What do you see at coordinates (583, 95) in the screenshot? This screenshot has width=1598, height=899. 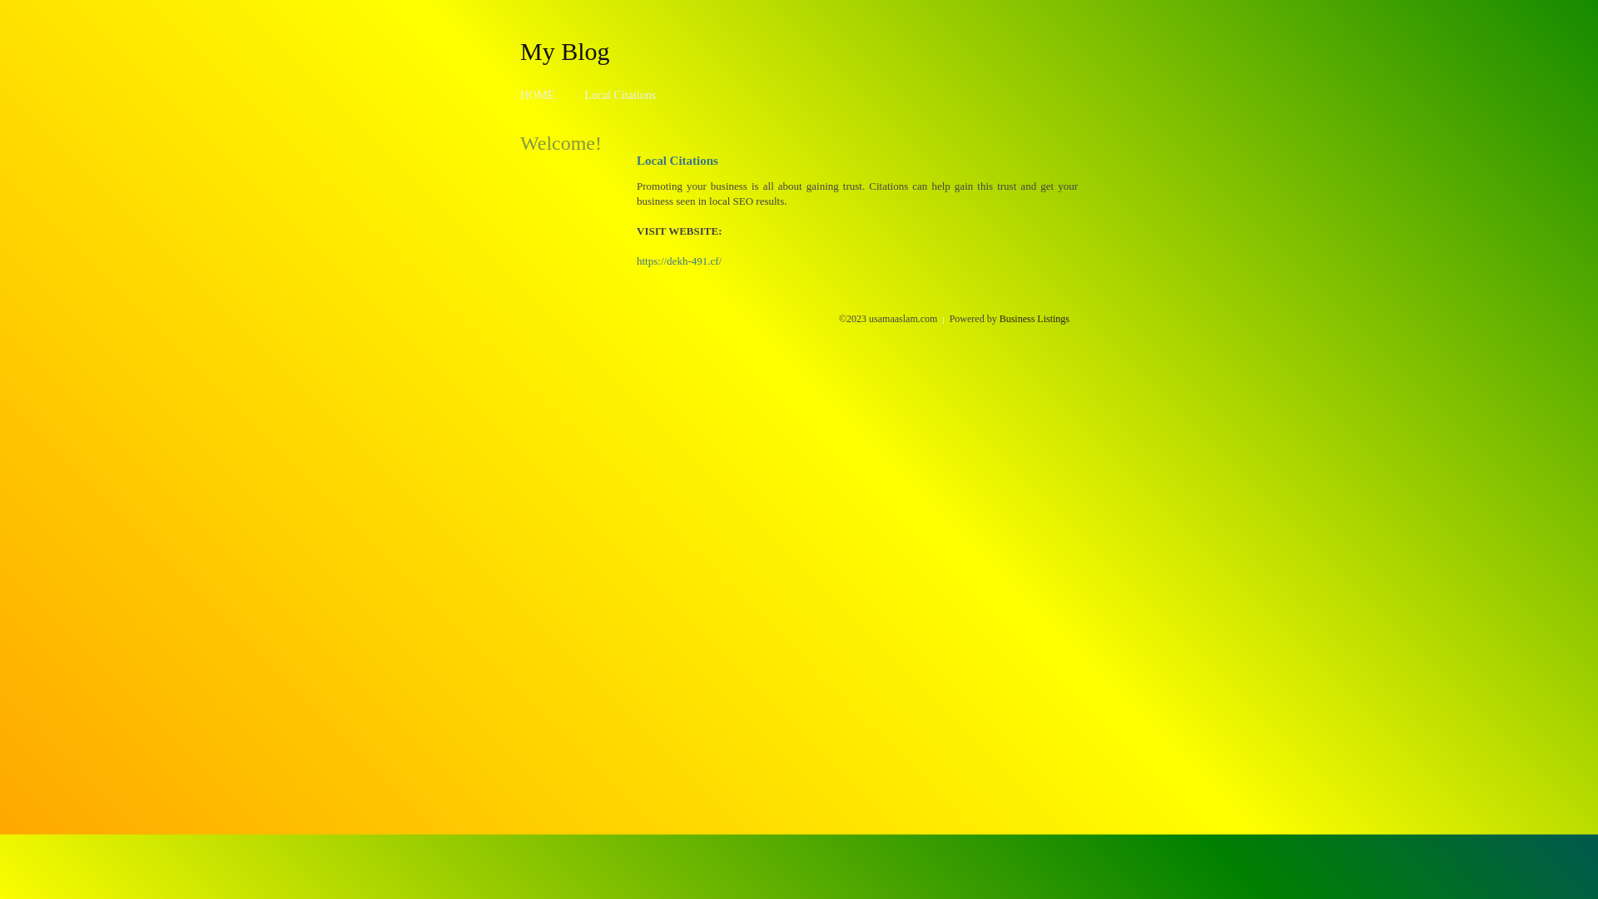 I see `'Local Citations'` at bounding box center [583, 95].